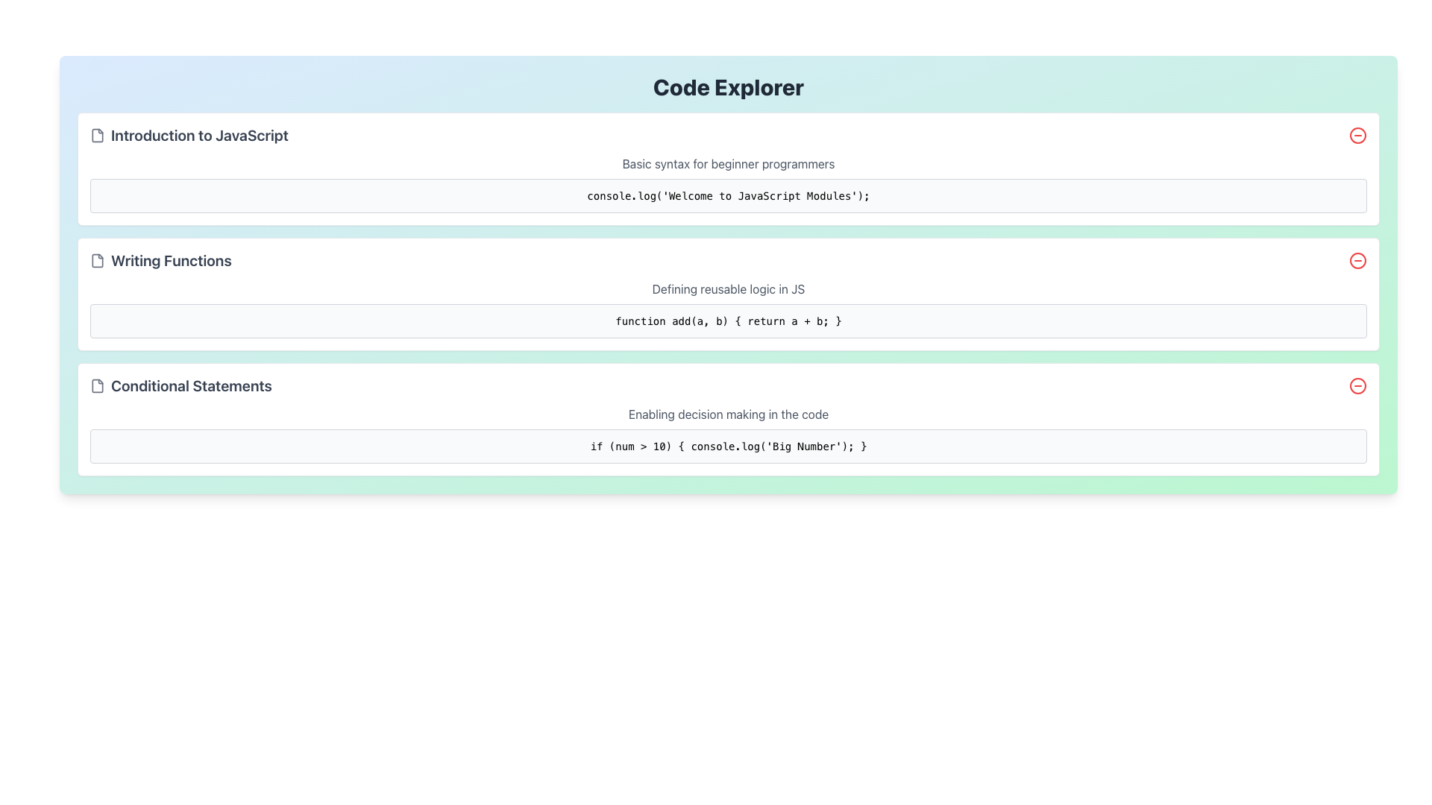 The image size is (1432, 805). Describe the element at coordinates (1357, 135) in the screenshot. I see `red circular core SVG element located in the top-right corner of the interface, which is nested within a larger circular icon with a horizontal line` at that location.